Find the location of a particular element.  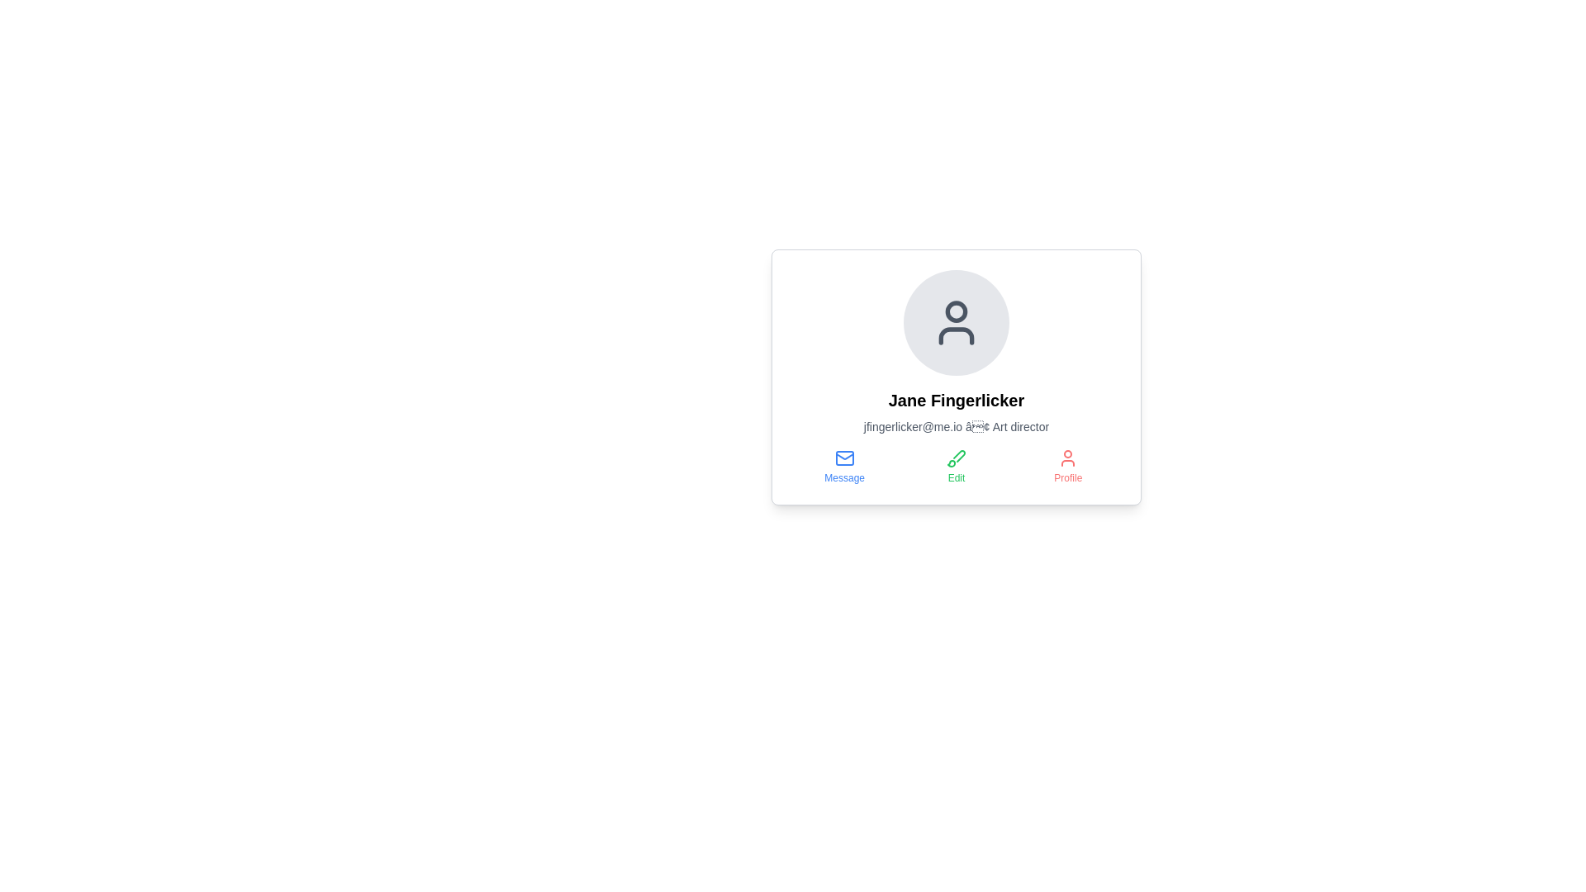

the text label that reads 'jfingerlicker@me.io • Art director', which is styled in light gray and located below the name 'Jane Fingerlicker' in the user profile card is located at coordinates (956, 425).